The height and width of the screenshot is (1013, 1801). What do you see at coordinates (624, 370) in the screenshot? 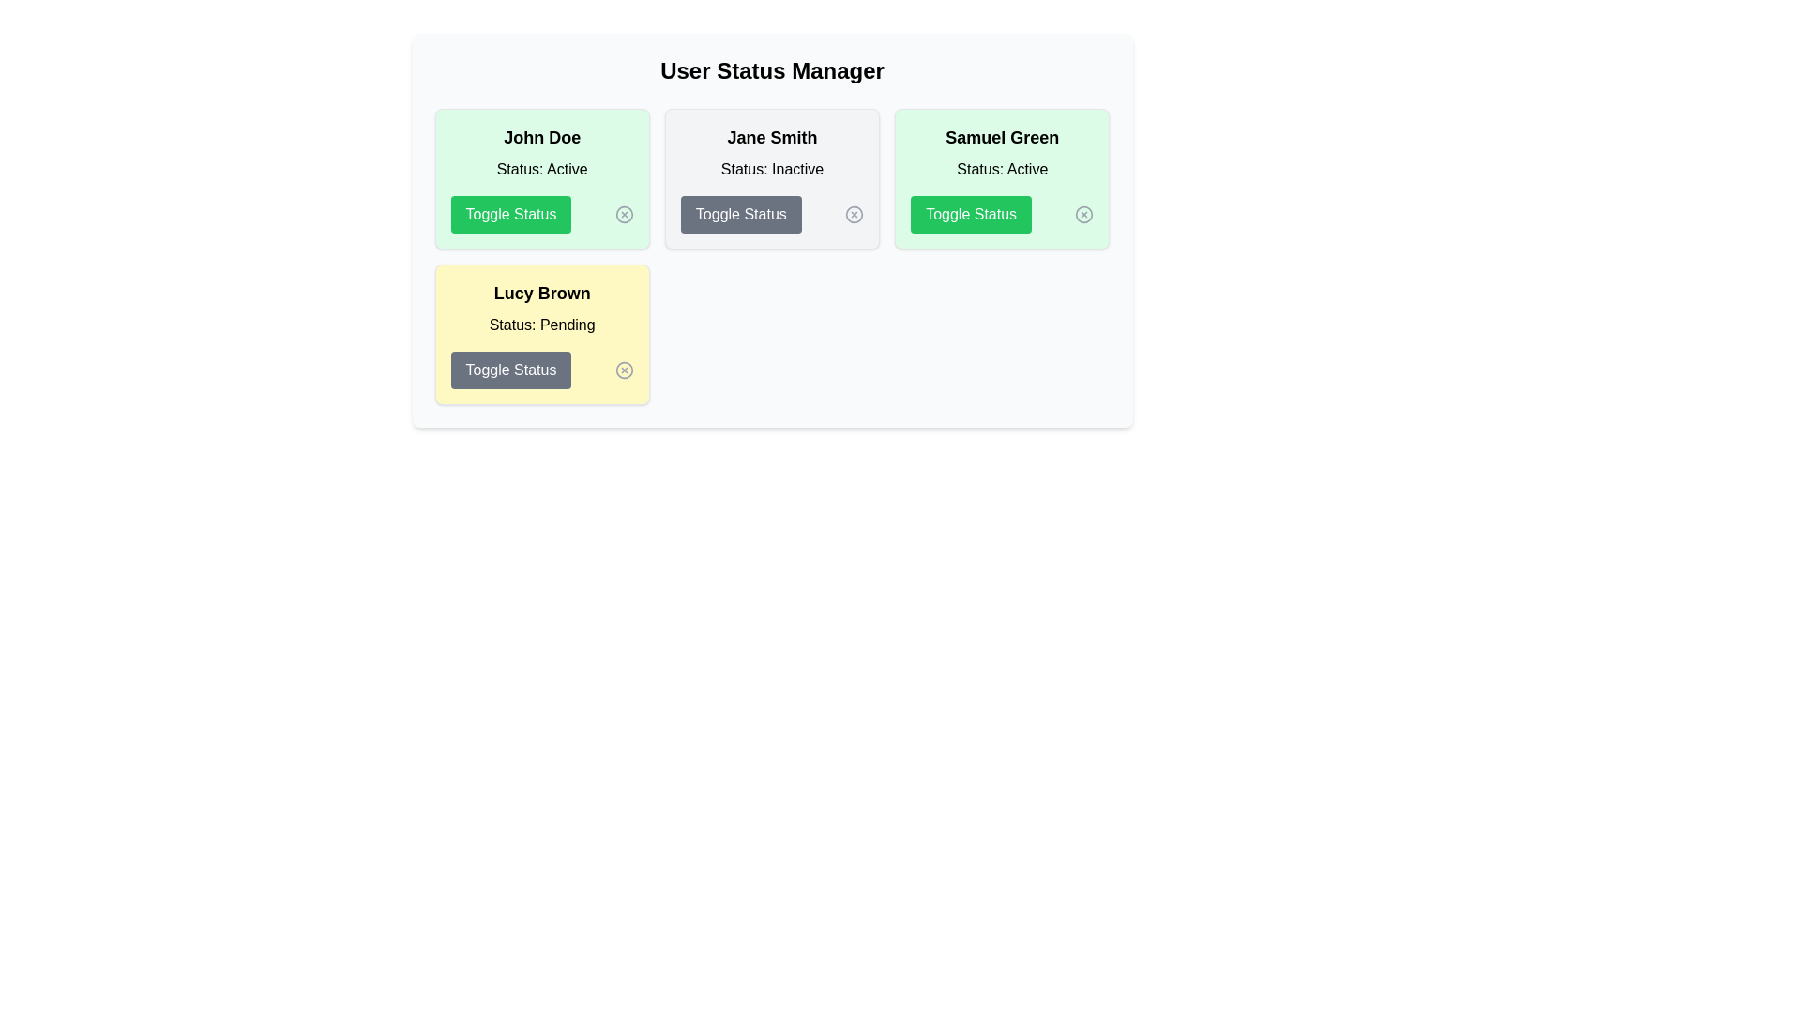
I see `the 'XCircle' icon next to the user Lucy Brown` at bounding box center [624, 370].